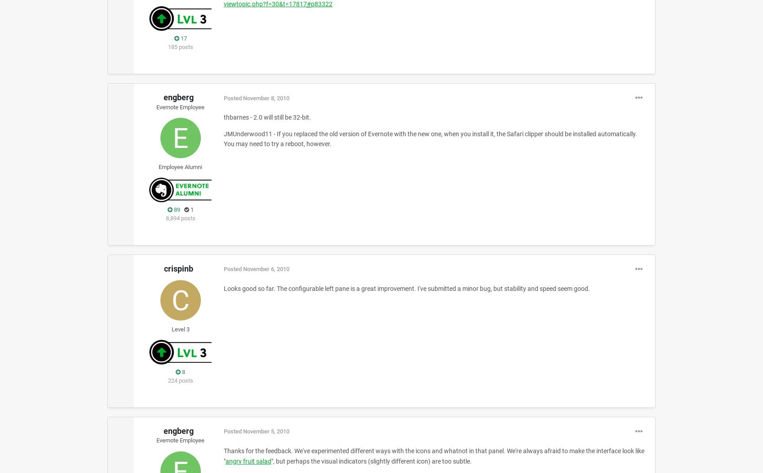  Describe the element at coordinates (266, 431) in the screenshot. I see `'November 5, 2010'` at that location.